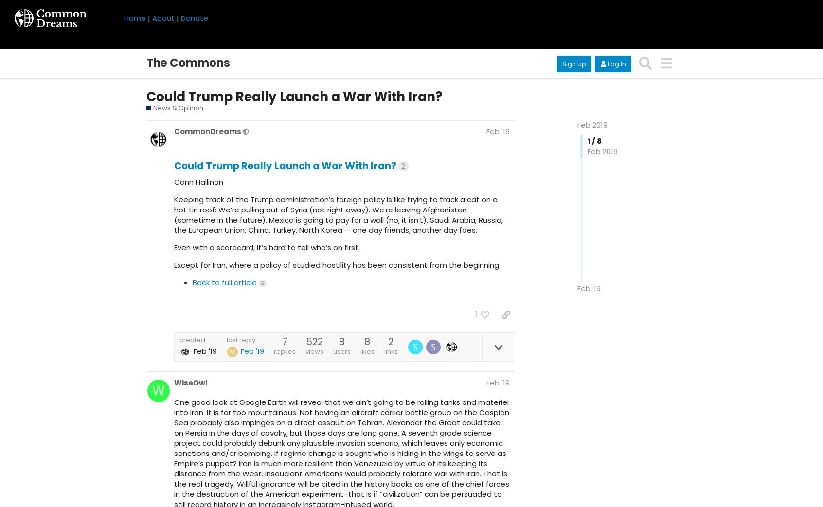 Image resolution: width=823 pixels, height=507 pixels. I want to click on 'News & Opinion', so click(153, 107).